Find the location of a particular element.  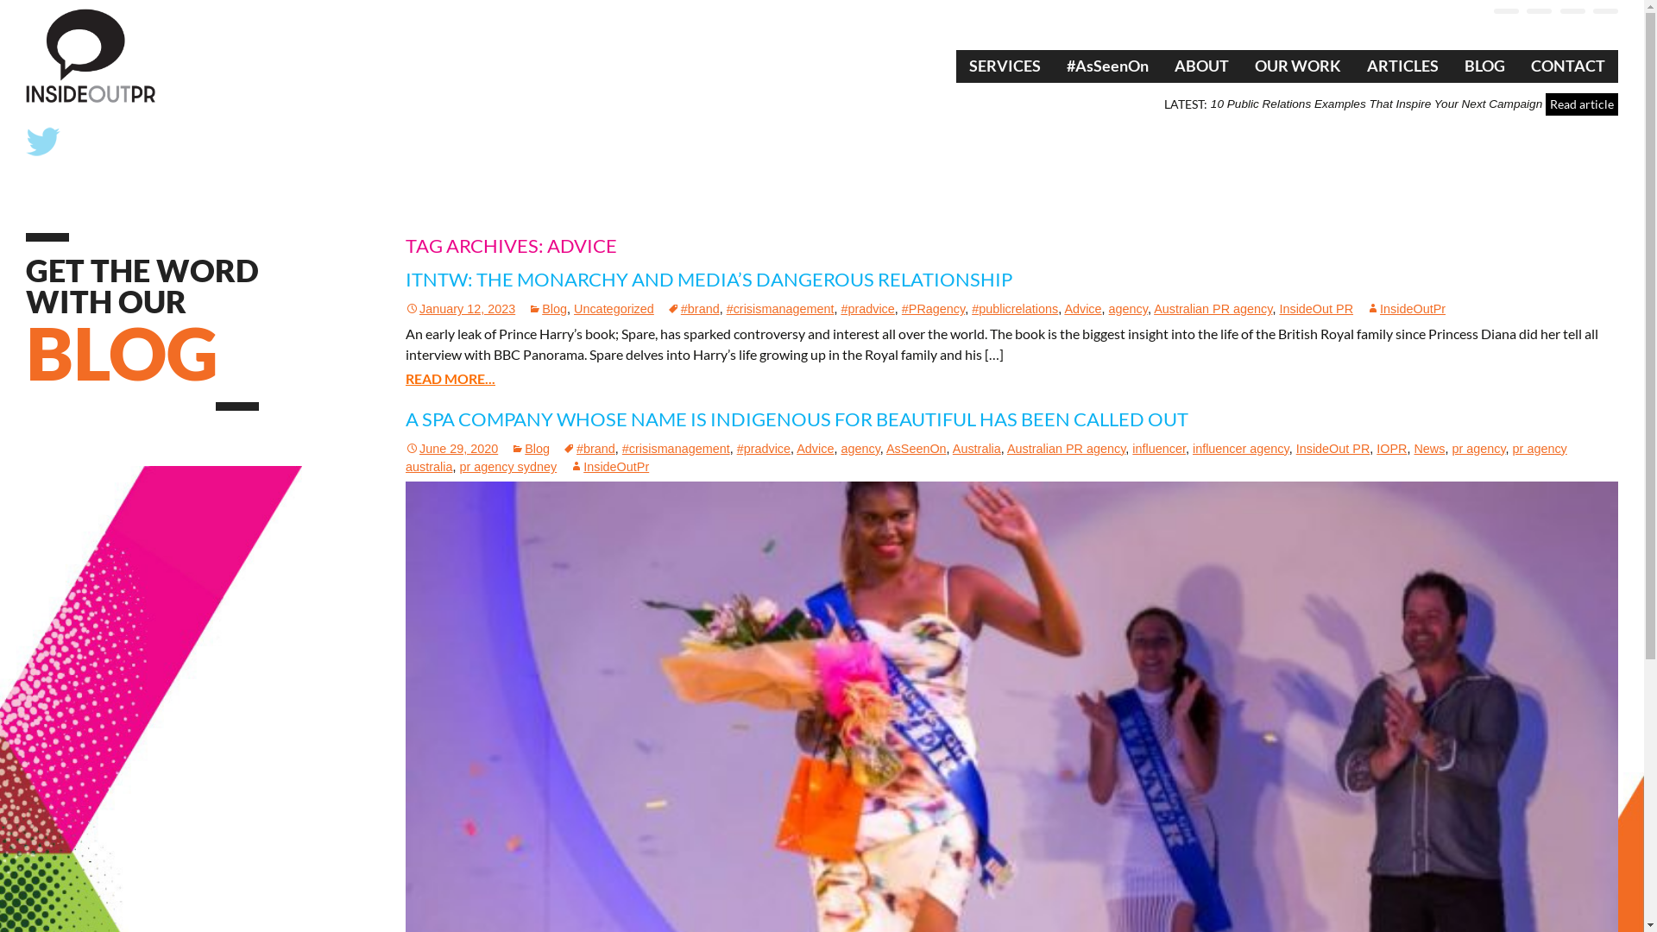

'Read article' is located at coordinates (1545, 104).